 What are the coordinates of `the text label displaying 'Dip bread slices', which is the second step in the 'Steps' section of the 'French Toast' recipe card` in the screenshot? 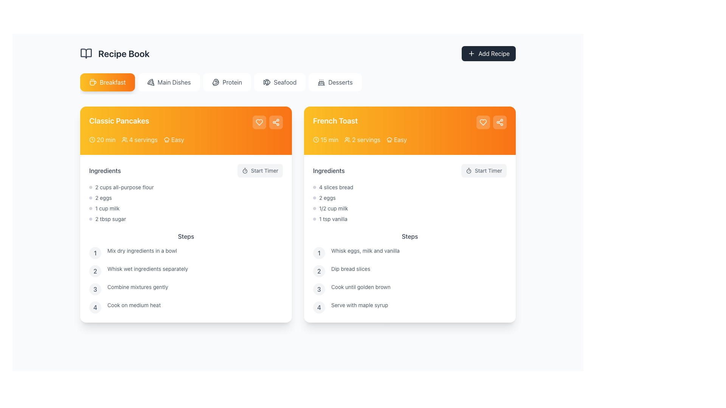 It's located at (350, 270).